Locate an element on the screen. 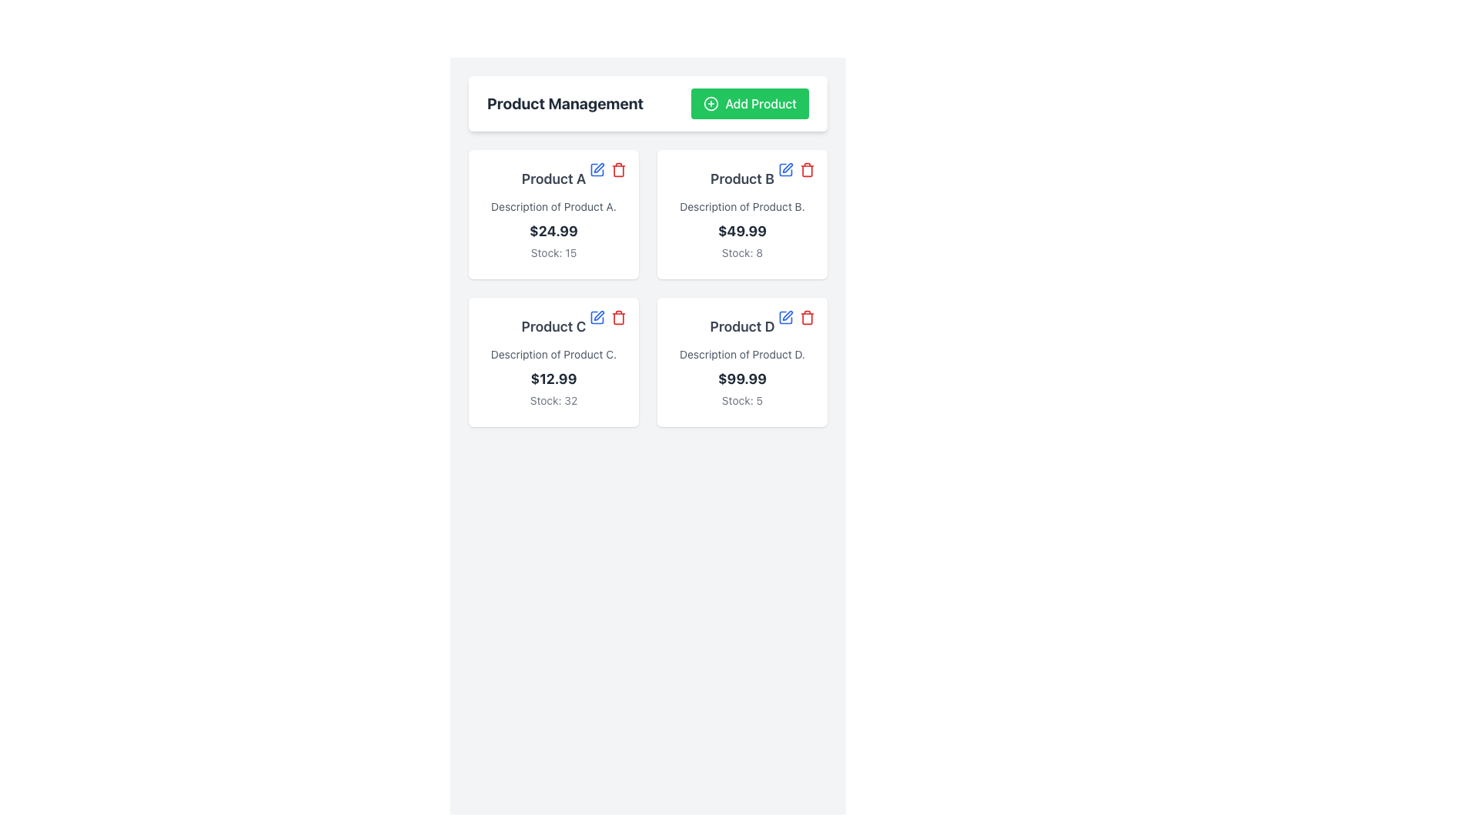  the text indicating the current stock quantity for 'Product D', located directly below the price '$99.99' is located at coordinates (742, 399).